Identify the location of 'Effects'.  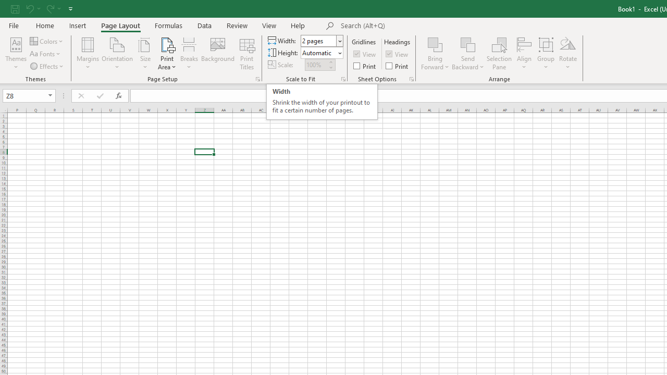
(47, 66).